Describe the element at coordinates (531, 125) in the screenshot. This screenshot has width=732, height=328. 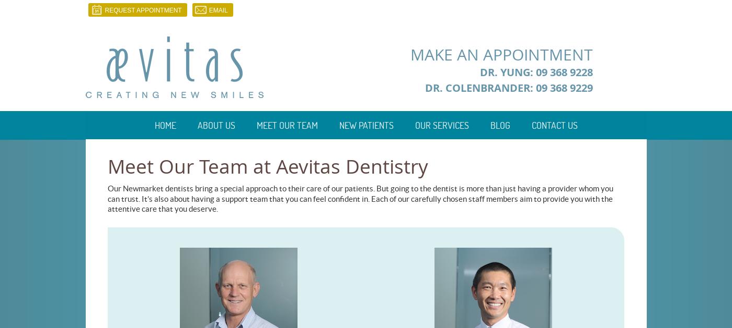
I see `'Contact Us'` at that location.